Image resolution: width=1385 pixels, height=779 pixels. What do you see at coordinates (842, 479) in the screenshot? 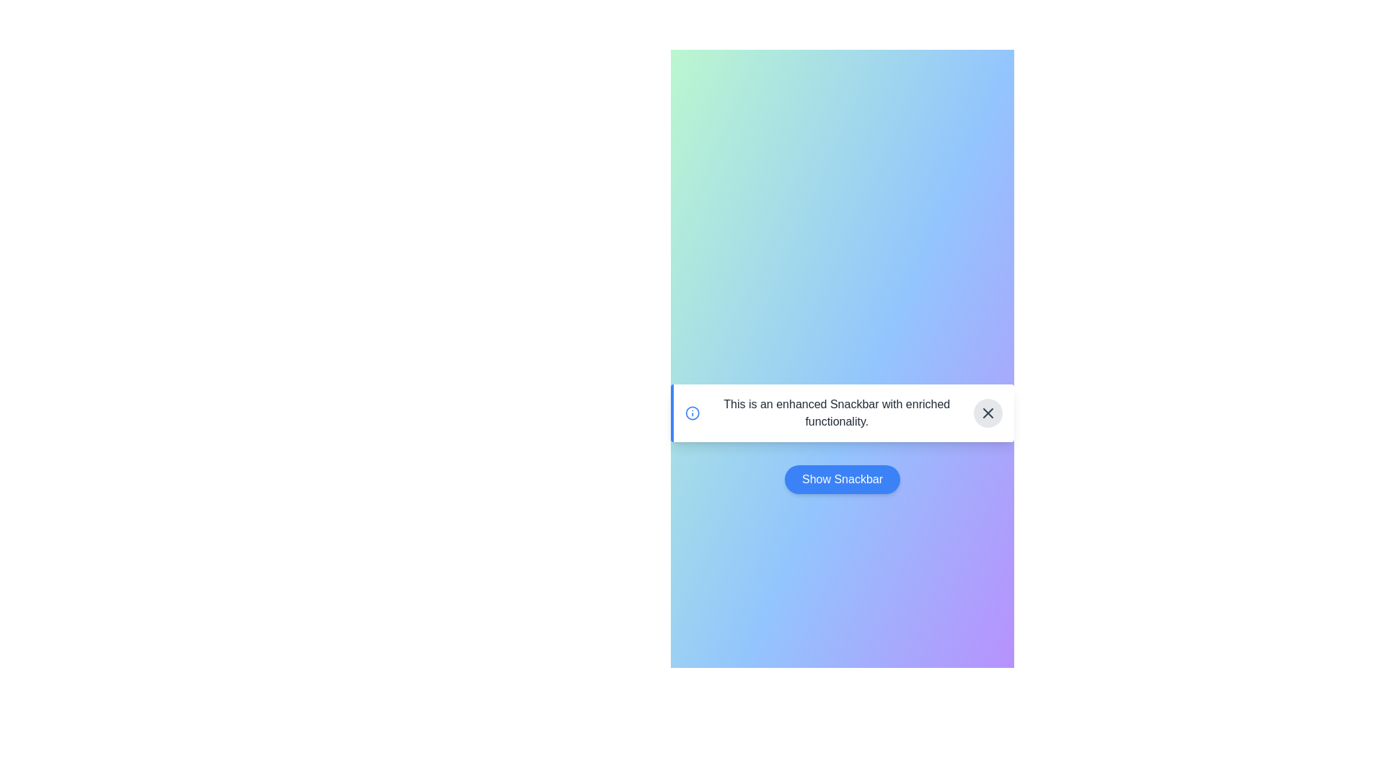
I see `the button at the bottom center of the layout to trigger visual feedback before it displays a snackbar notification` at bounding box center [842, 479].